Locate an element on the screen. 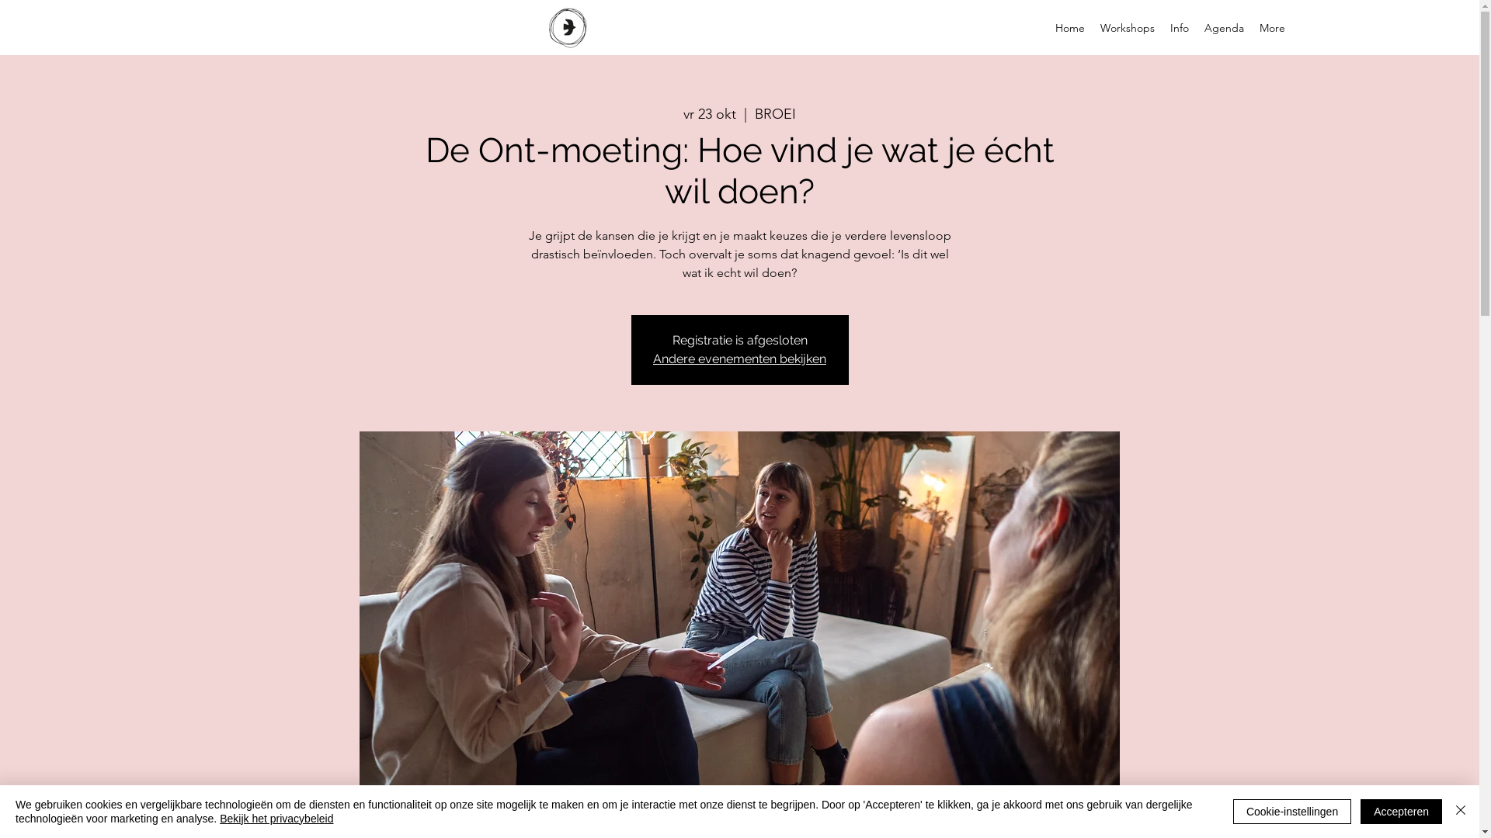 Image resolution: width=1491 pixels, height=838 pixels. 'Andere evenementen bekijken' is located at coordinates (739, 358).